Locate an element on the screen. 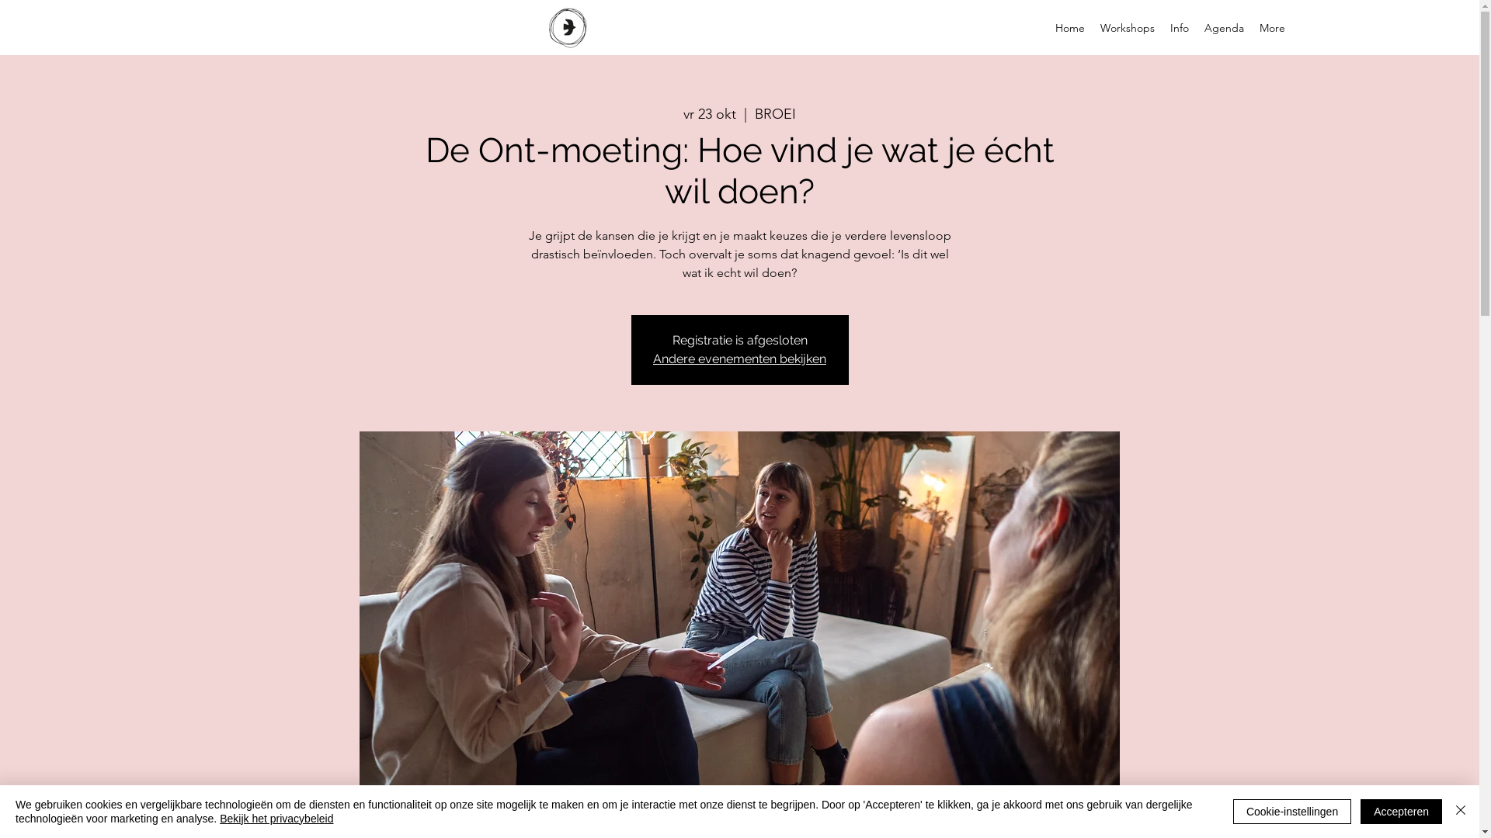 Image resolution: width=1491 pixels, height=838 pixels. 'Andere evenementen bekijken' is located at coordinates (739, 358).